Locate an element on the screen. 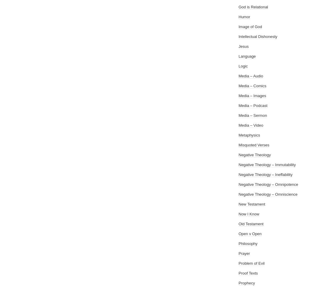 This screenshot has width=328, height=291. 'Negative Theology' is located at coordinates (254, 155).